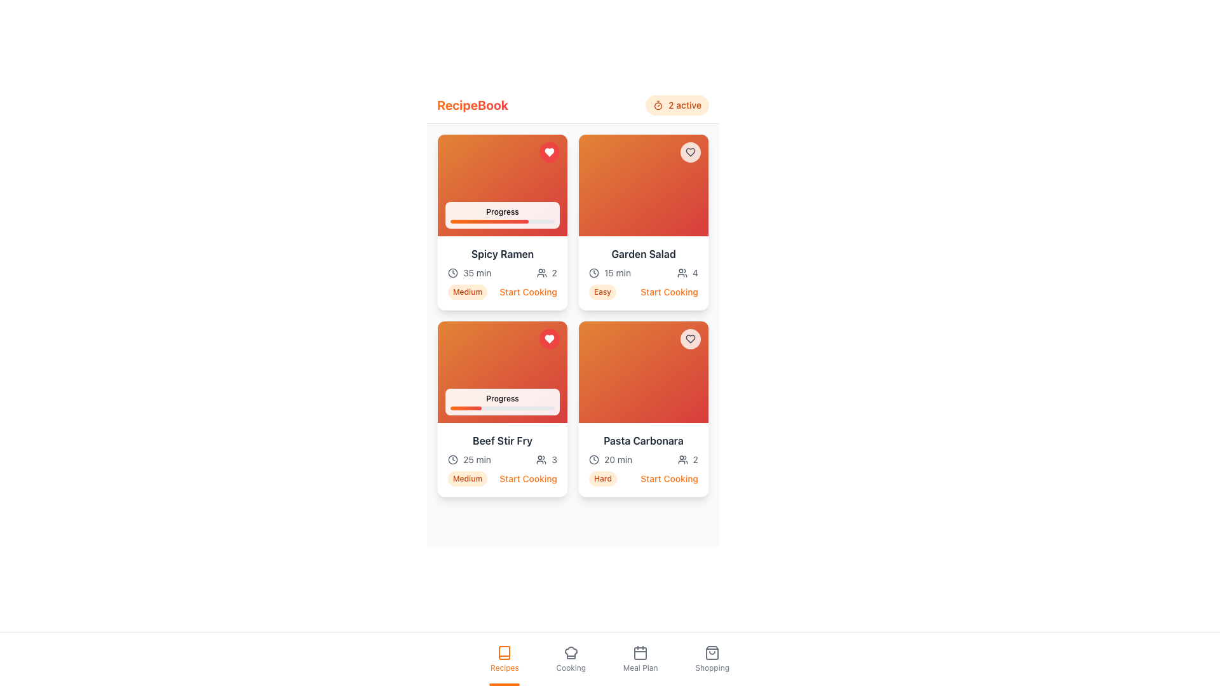 The image size is (1220, 686). Describe the element at coordinates (467, 292) in the screenshot. I see `the small capsule-shaped badge labeled 'Medium' with orange text on a light orange background, located within the 'Beef Stir Fry' card, positioned to the left of the 'Start Cooking' button` at that location.